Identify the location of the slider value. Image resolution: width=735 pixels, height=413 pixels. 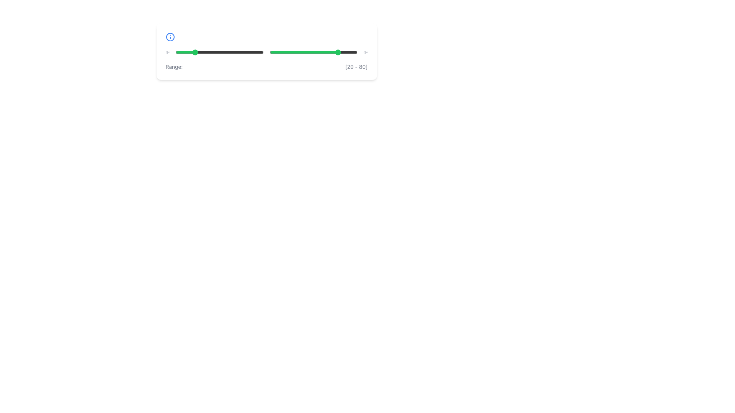
(321, 52).